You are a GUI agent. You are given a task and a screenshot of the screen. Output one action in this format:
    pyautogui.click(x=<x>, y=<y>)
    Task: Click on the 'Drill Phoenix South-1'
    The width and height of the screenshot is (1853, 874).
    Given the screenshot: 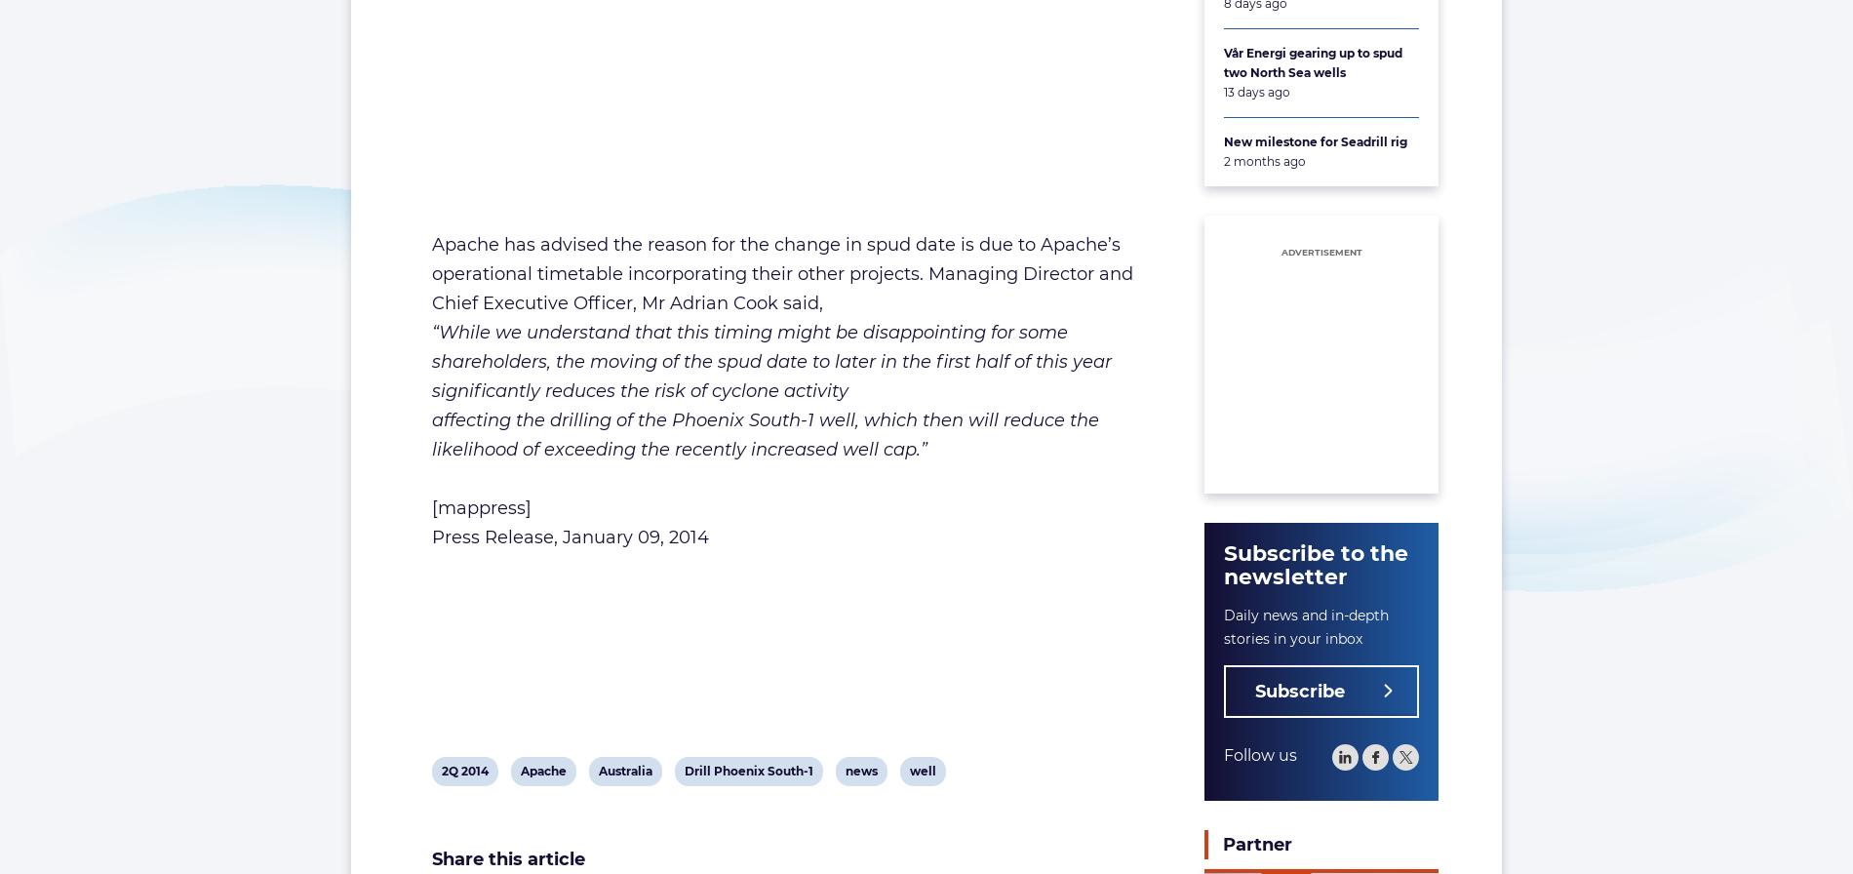 What is the action you would take?
    pyautogui.click(x=747, y=770)
    